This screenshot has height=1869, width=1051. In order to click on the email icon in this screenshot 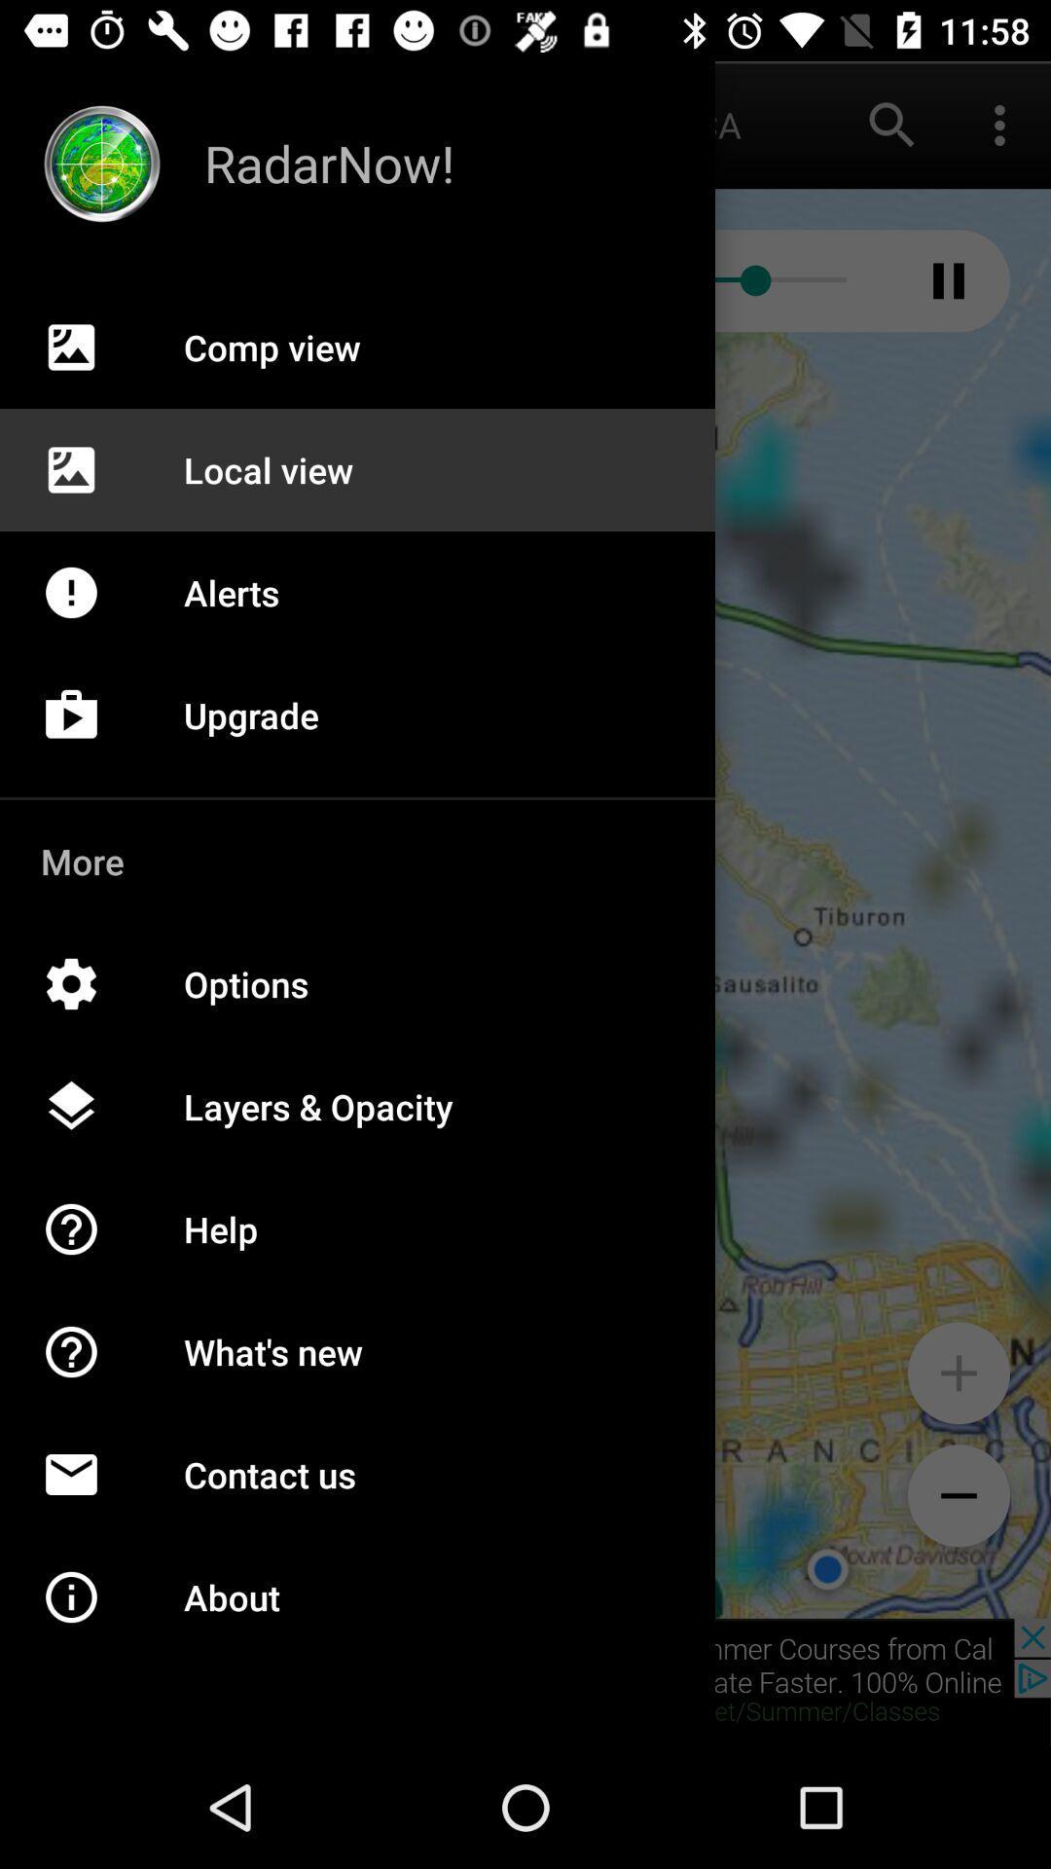, I will do `click(91, 1494)`.